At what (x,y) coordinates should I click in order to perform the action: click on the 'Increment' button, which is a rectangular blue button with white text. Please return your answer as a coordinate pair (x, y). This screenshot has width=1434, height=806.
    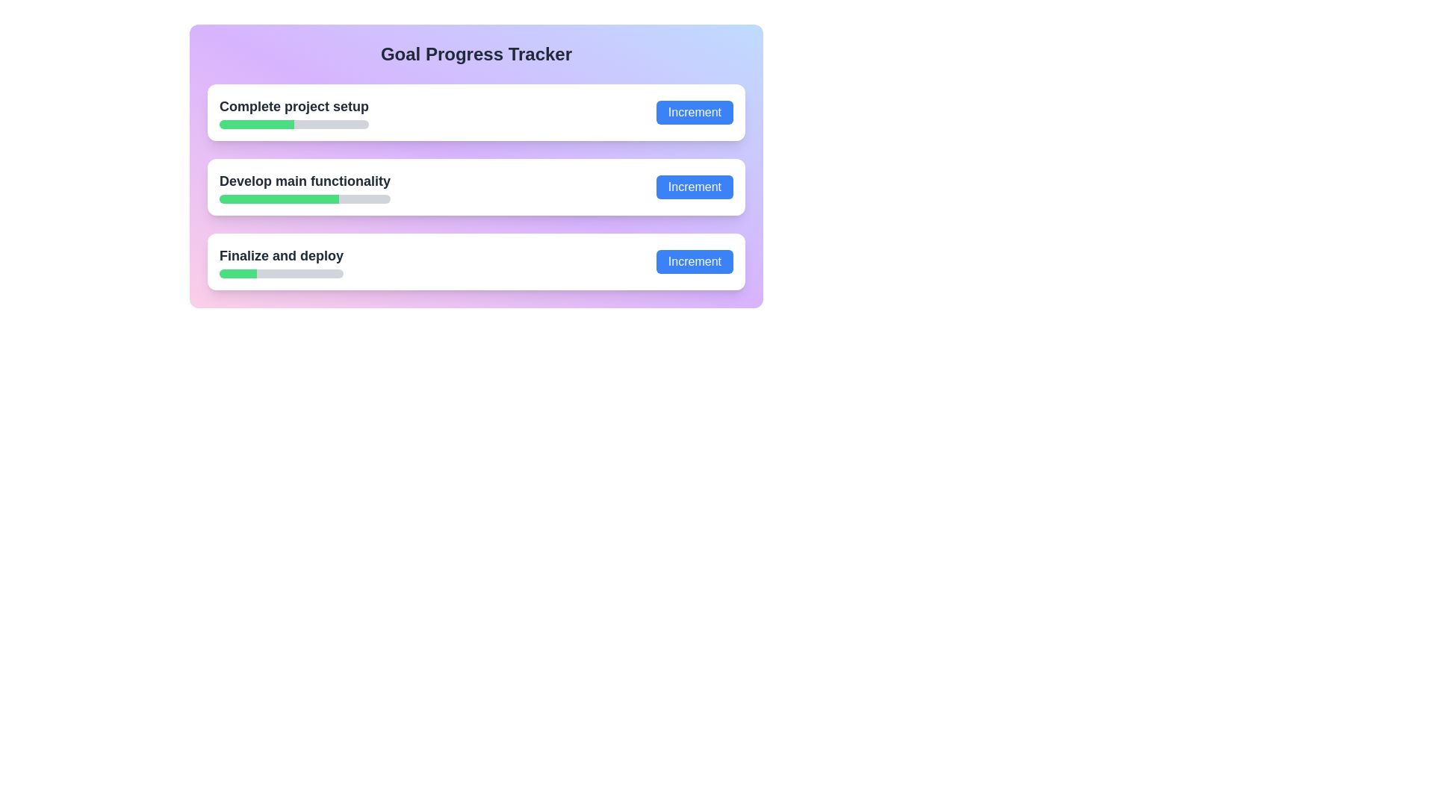
    Looking at the image, I should click on (694, 111).